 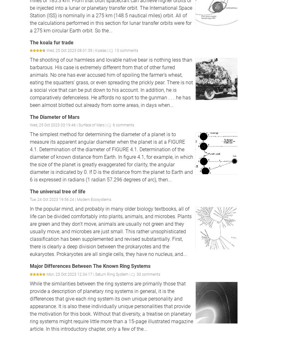 I want to click on 'Wed, 25 Oct 2023 03:19:46                                    |', so click(x=54, y=125).